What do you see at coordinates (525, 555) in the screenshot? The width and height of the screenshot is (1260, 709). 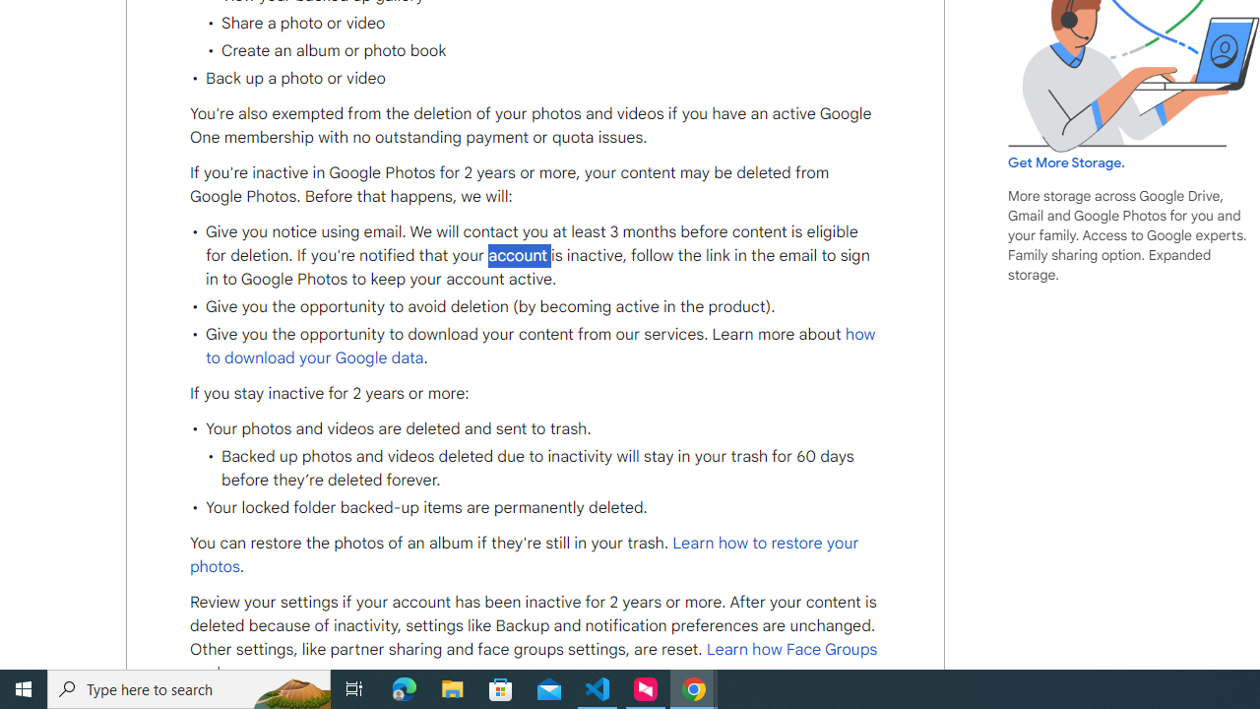 I see `'Learn how to restore your photos'` at bounding box center [525, 555].